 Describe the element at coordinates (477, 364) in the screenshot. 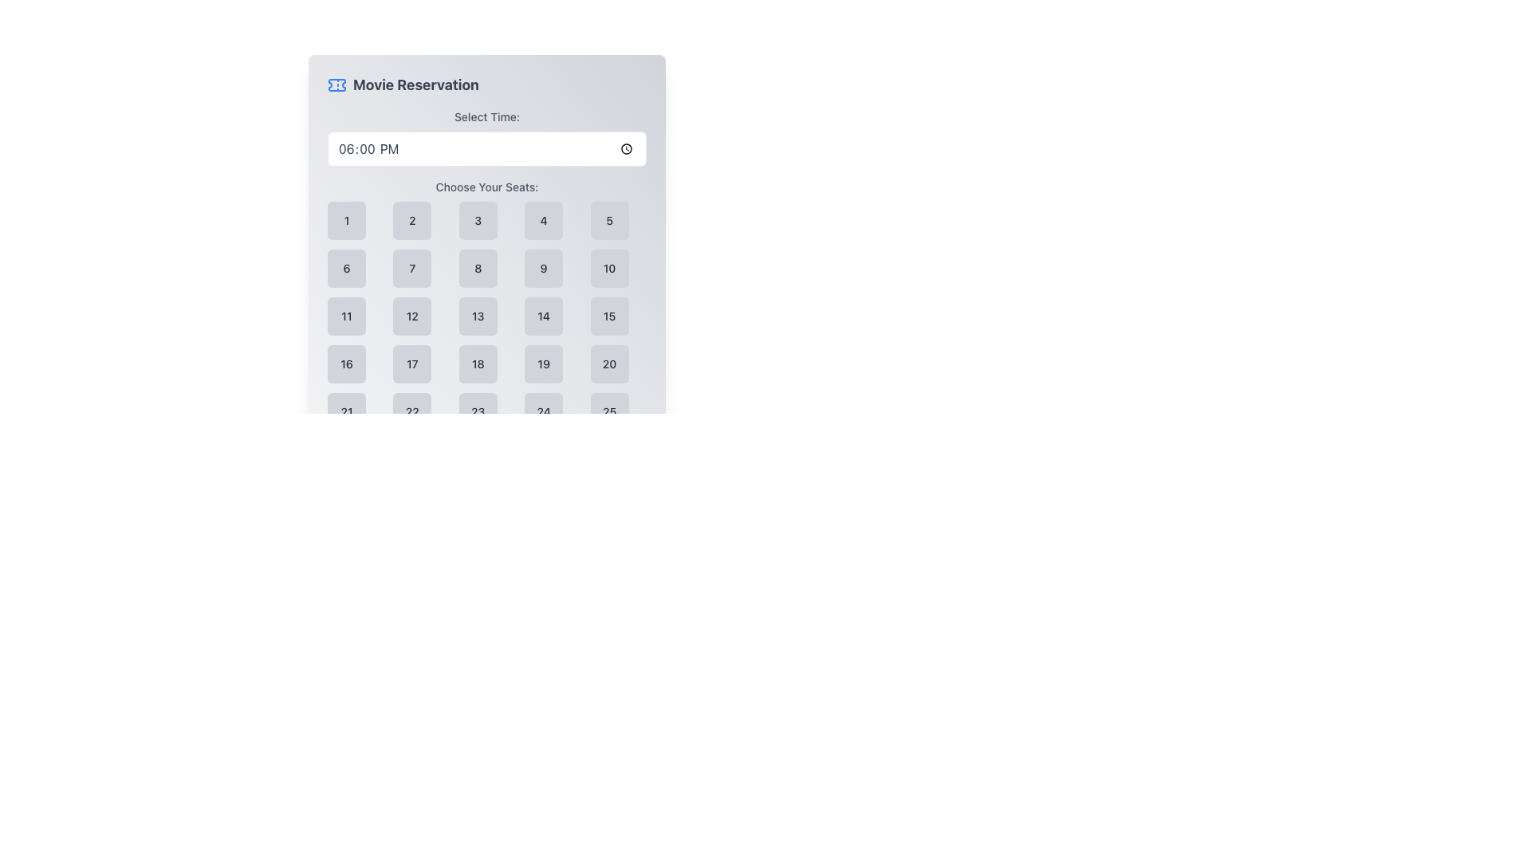

I see `the button located in the fourth row and third column of a 5-column grid layout` at that location.